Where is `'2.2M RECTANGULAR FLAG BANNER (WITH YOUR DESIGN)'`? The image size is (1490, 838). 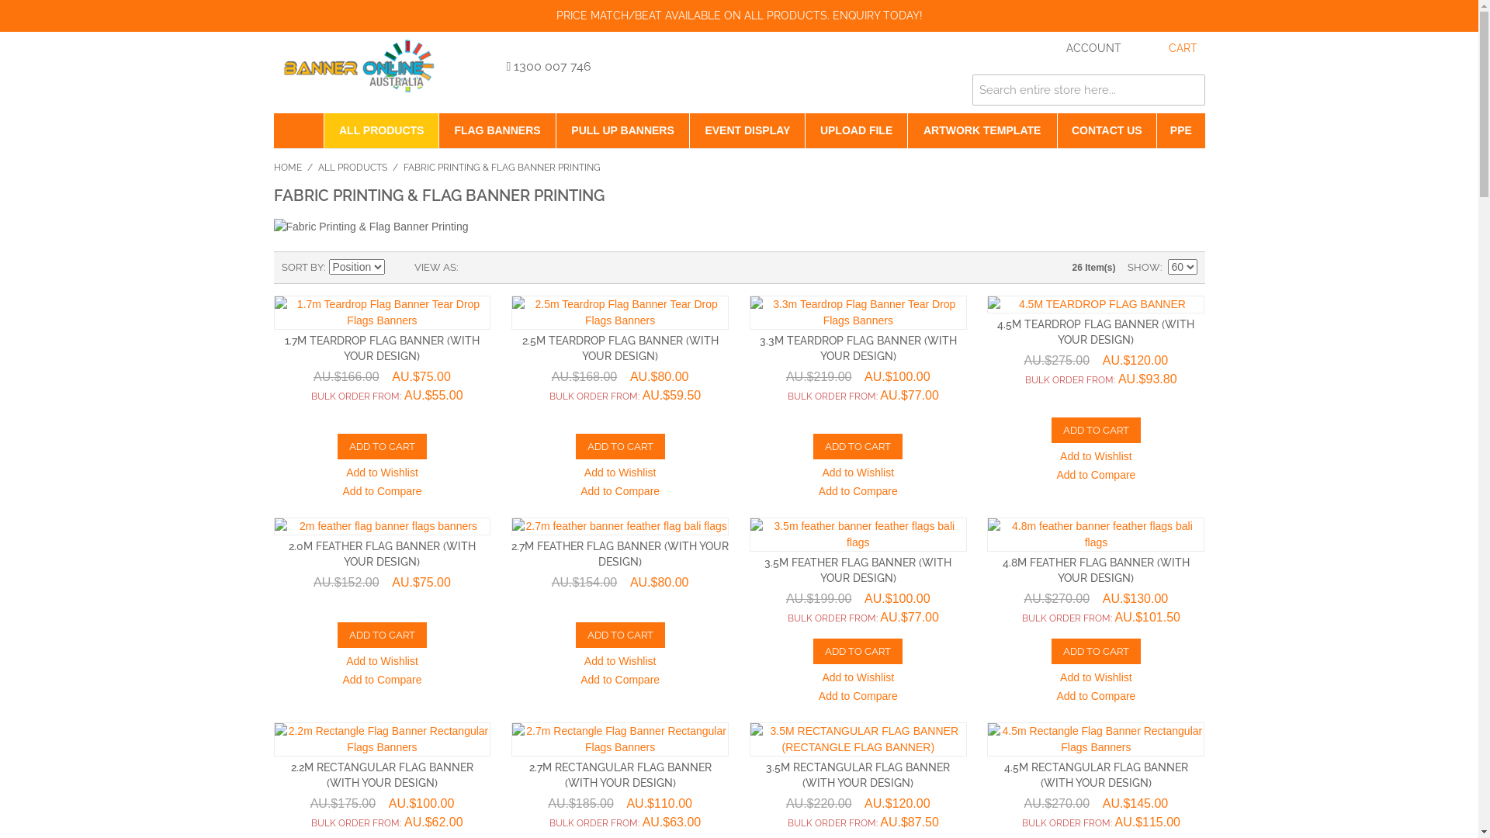
'2.2M RECTANGULAR FLAG BANNER (WITH YOUR DESIGN)' is located at coordinates (382, 775).